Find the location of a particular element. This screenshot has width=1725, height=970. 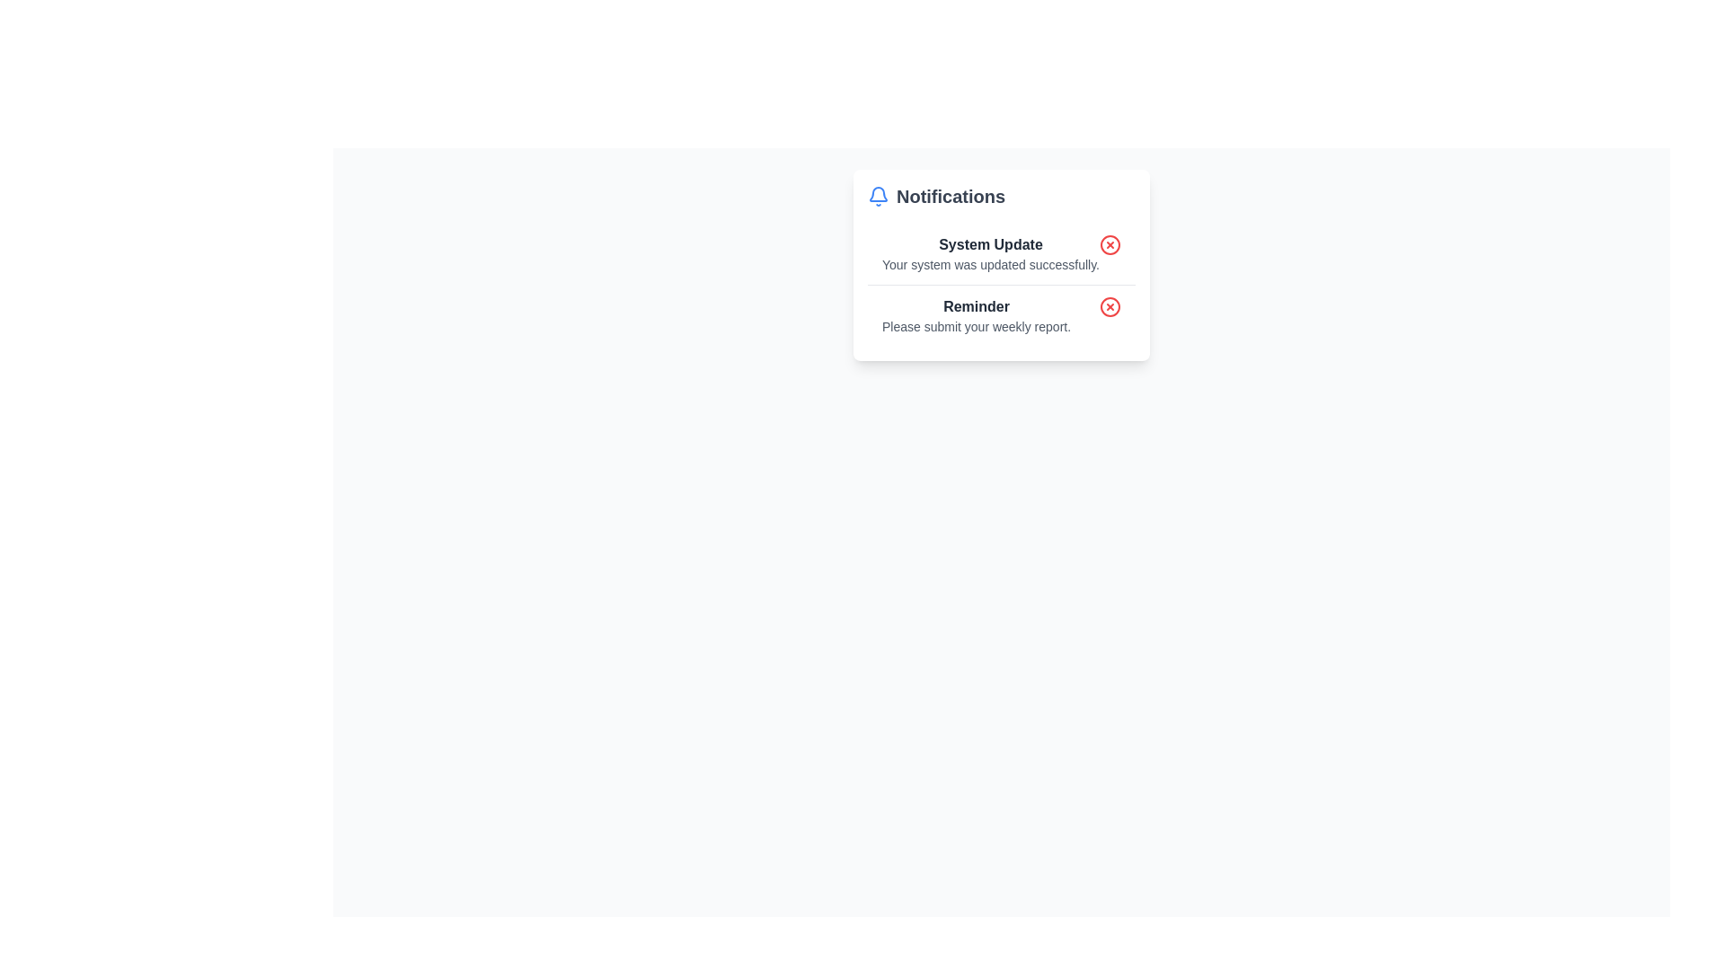

the bell icon located to the left of the 'Notifications' text in the header of the notifications section to manage notifications is located at coordinates (879, 197).